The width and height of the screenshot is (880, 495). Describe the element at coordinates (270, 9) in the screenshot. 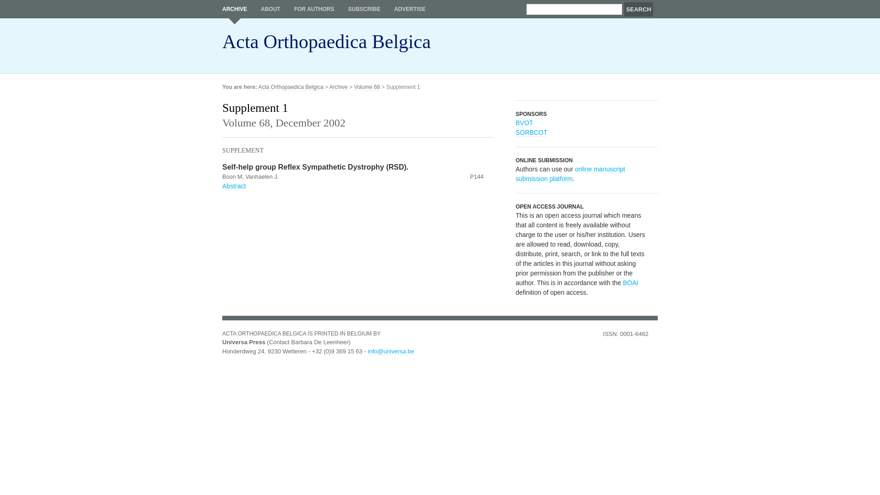

I see `'ABOUT'` at that location.